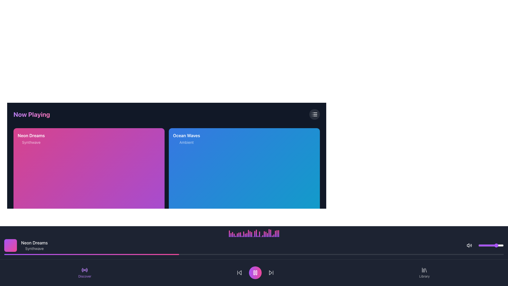 The image size is (508, 286). I want to click on the height changes of the first vertical bar in the visual audio equalizer, which features a gradient from purple to pink and has a rounded top edge, so click(229, 233).